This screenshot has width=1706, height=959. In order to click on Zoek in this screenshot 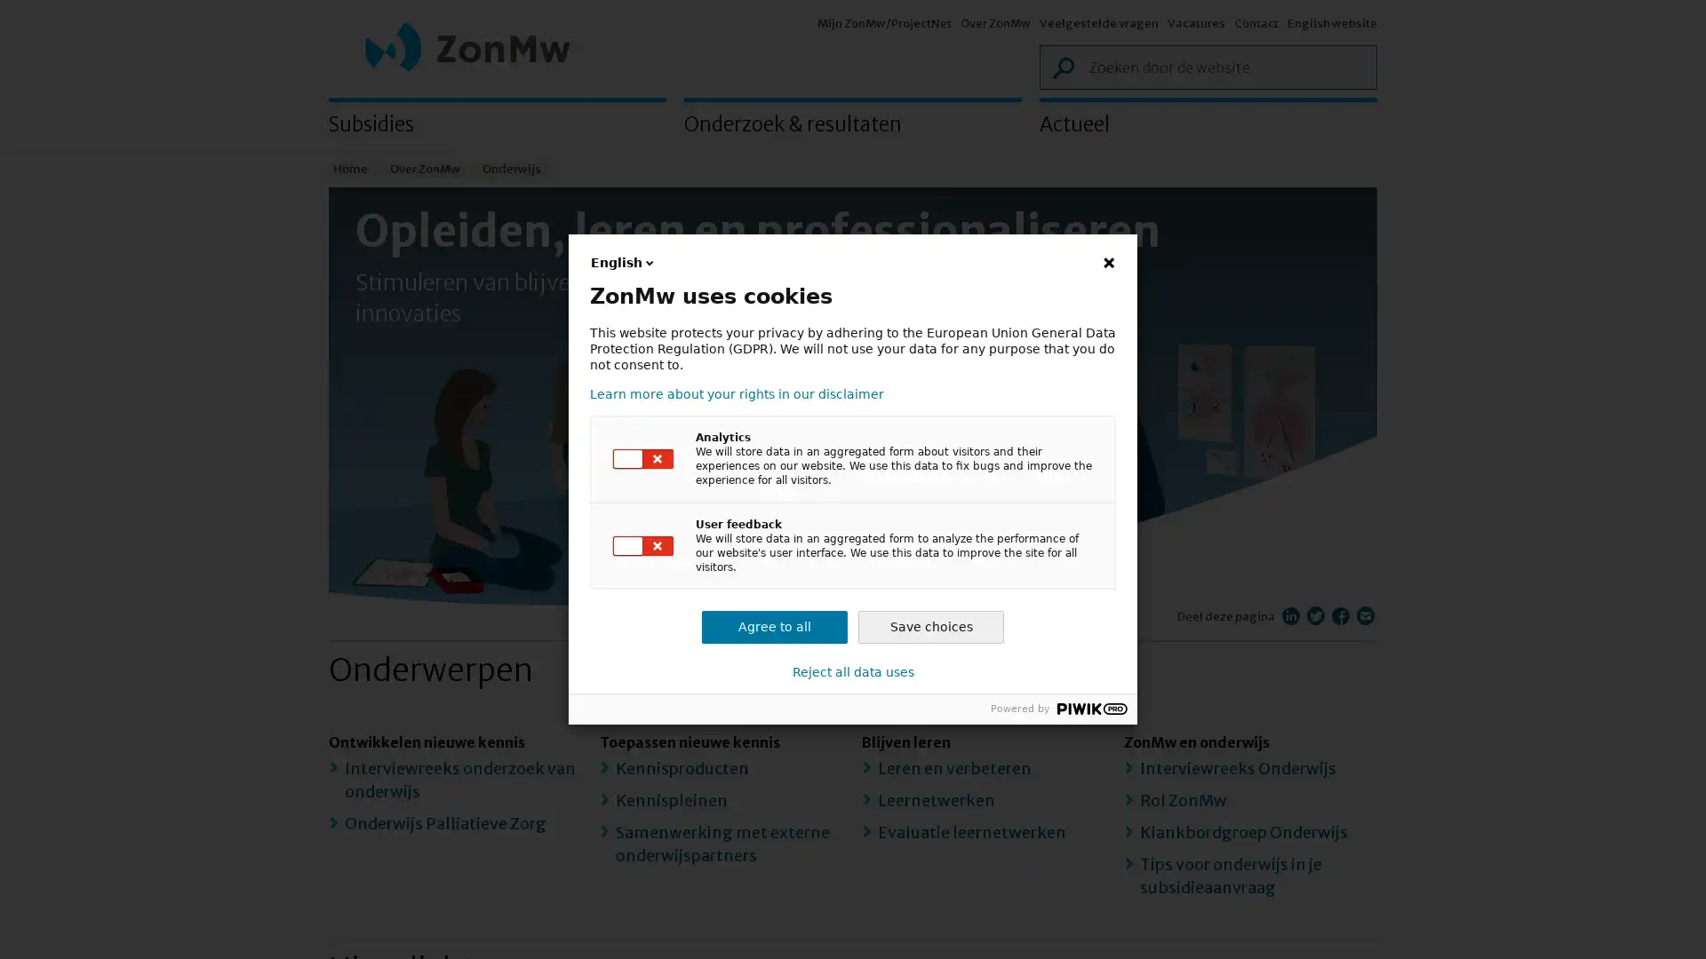, I will do `click(1063, 67)`.